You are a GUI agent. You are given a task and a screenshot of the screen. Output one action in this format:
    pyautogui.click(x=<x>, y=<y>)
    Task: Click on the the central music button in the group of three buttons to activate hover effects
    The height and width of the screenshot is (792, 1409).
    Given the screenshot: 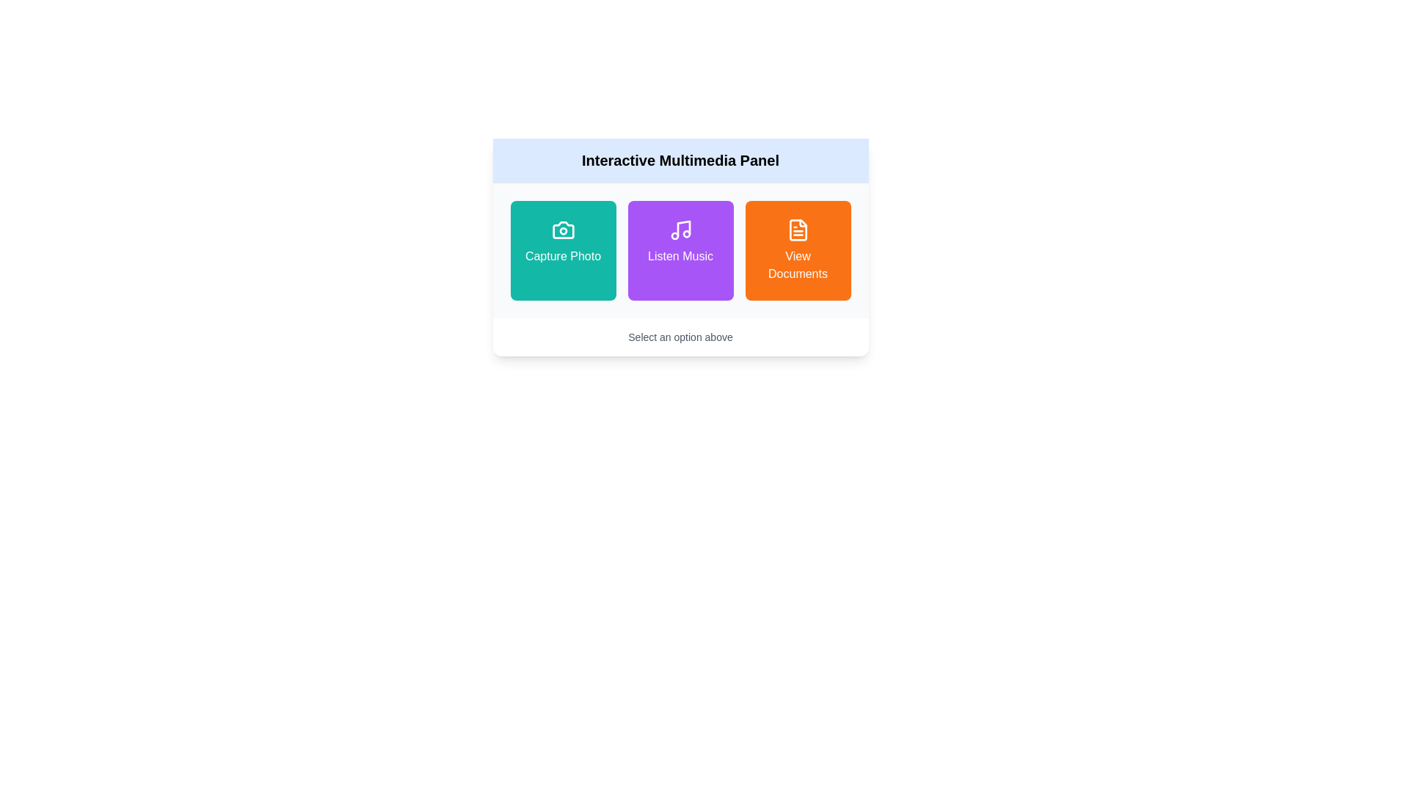 What is the action you would take?
    pyautogui.click(x=680, y=250)
    